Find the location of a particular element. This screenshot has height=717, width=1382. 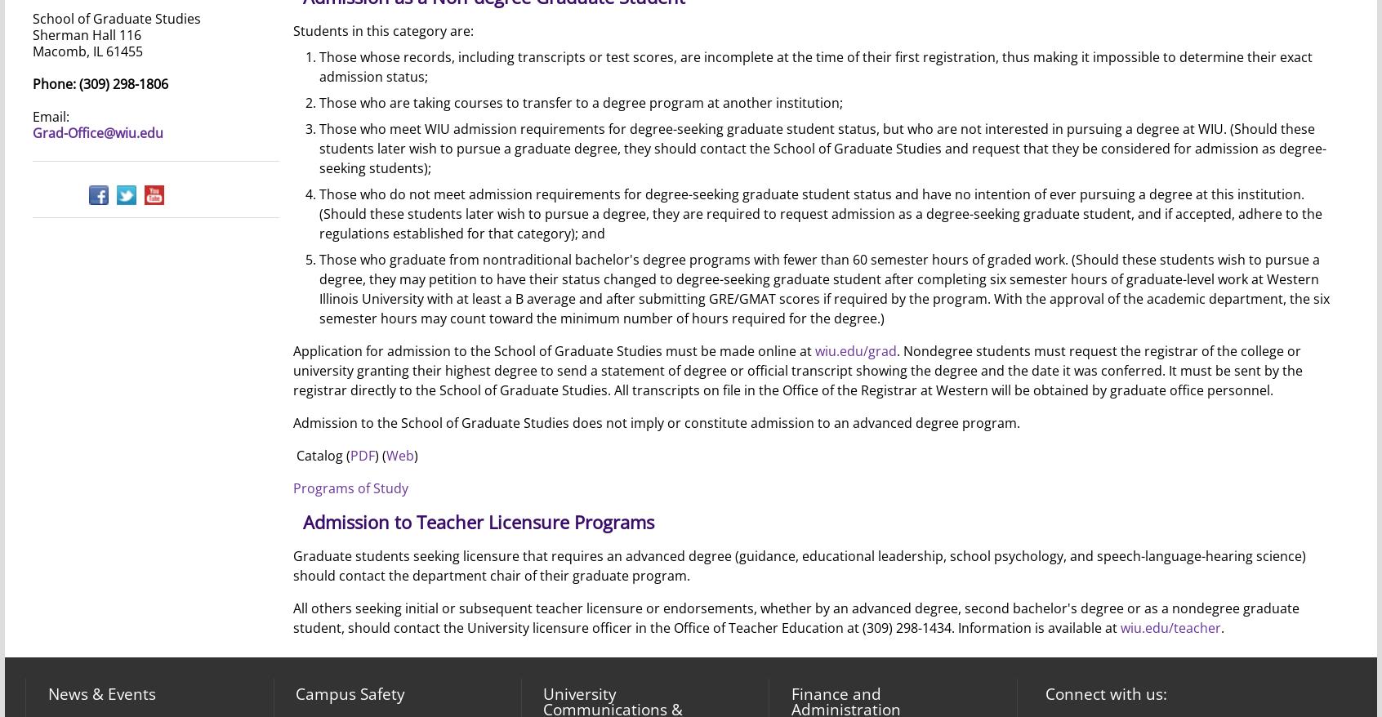

'News & Events' is located at coordinates (47, 693).